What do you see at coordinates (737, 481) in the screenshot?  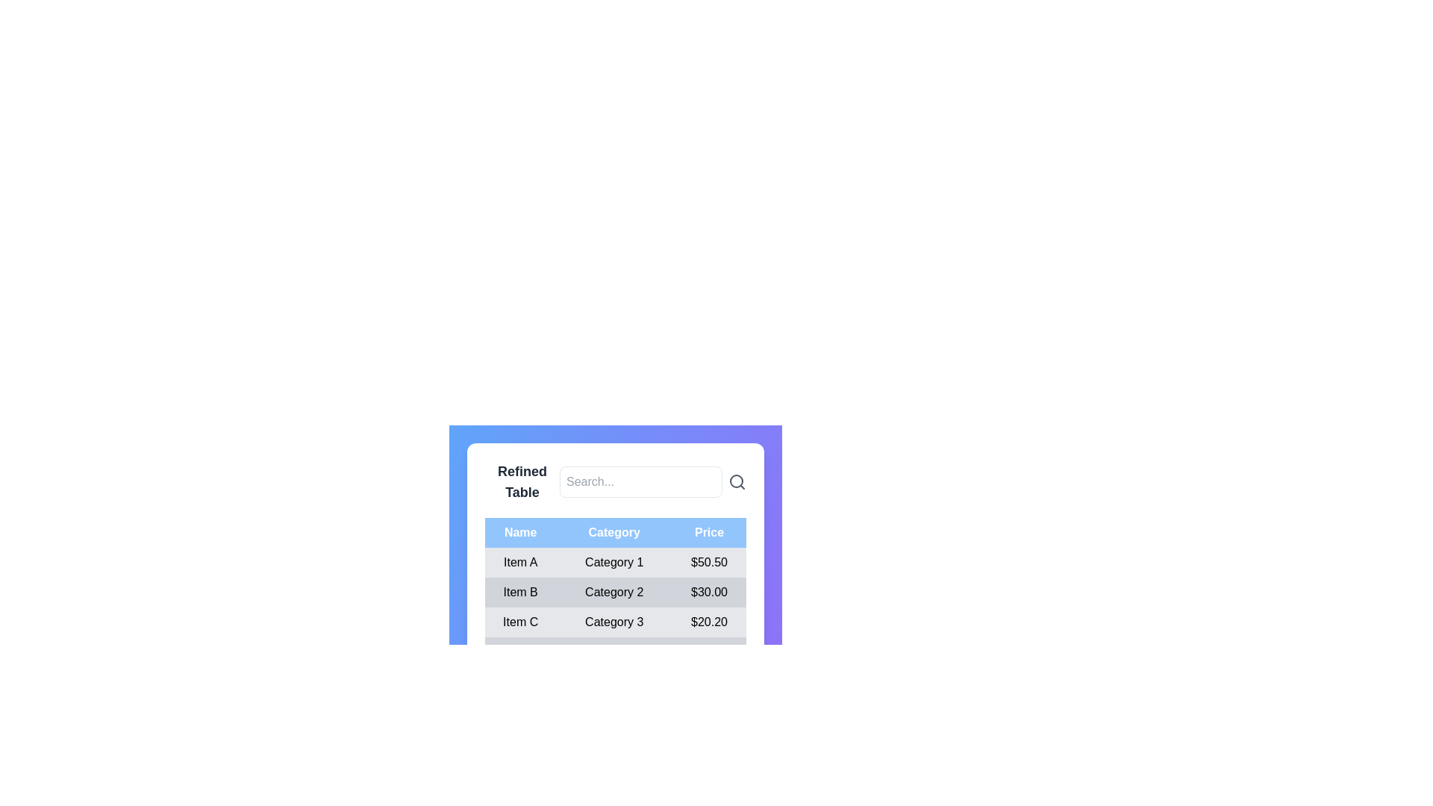 I see `the decorative inner circle of the search icon located in the upper-right section of the interface, adjacent to the search input field` at bounding box center [737, 481].